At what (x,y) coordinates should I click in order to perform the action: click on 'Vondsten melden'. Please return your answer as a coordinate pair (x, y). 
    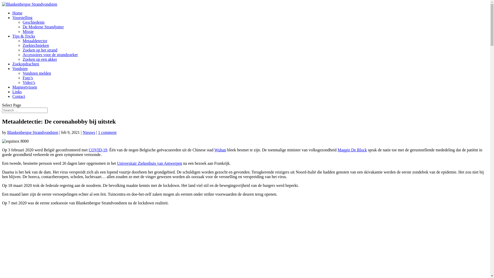
    Looking at the image, I should click on (22, 73).